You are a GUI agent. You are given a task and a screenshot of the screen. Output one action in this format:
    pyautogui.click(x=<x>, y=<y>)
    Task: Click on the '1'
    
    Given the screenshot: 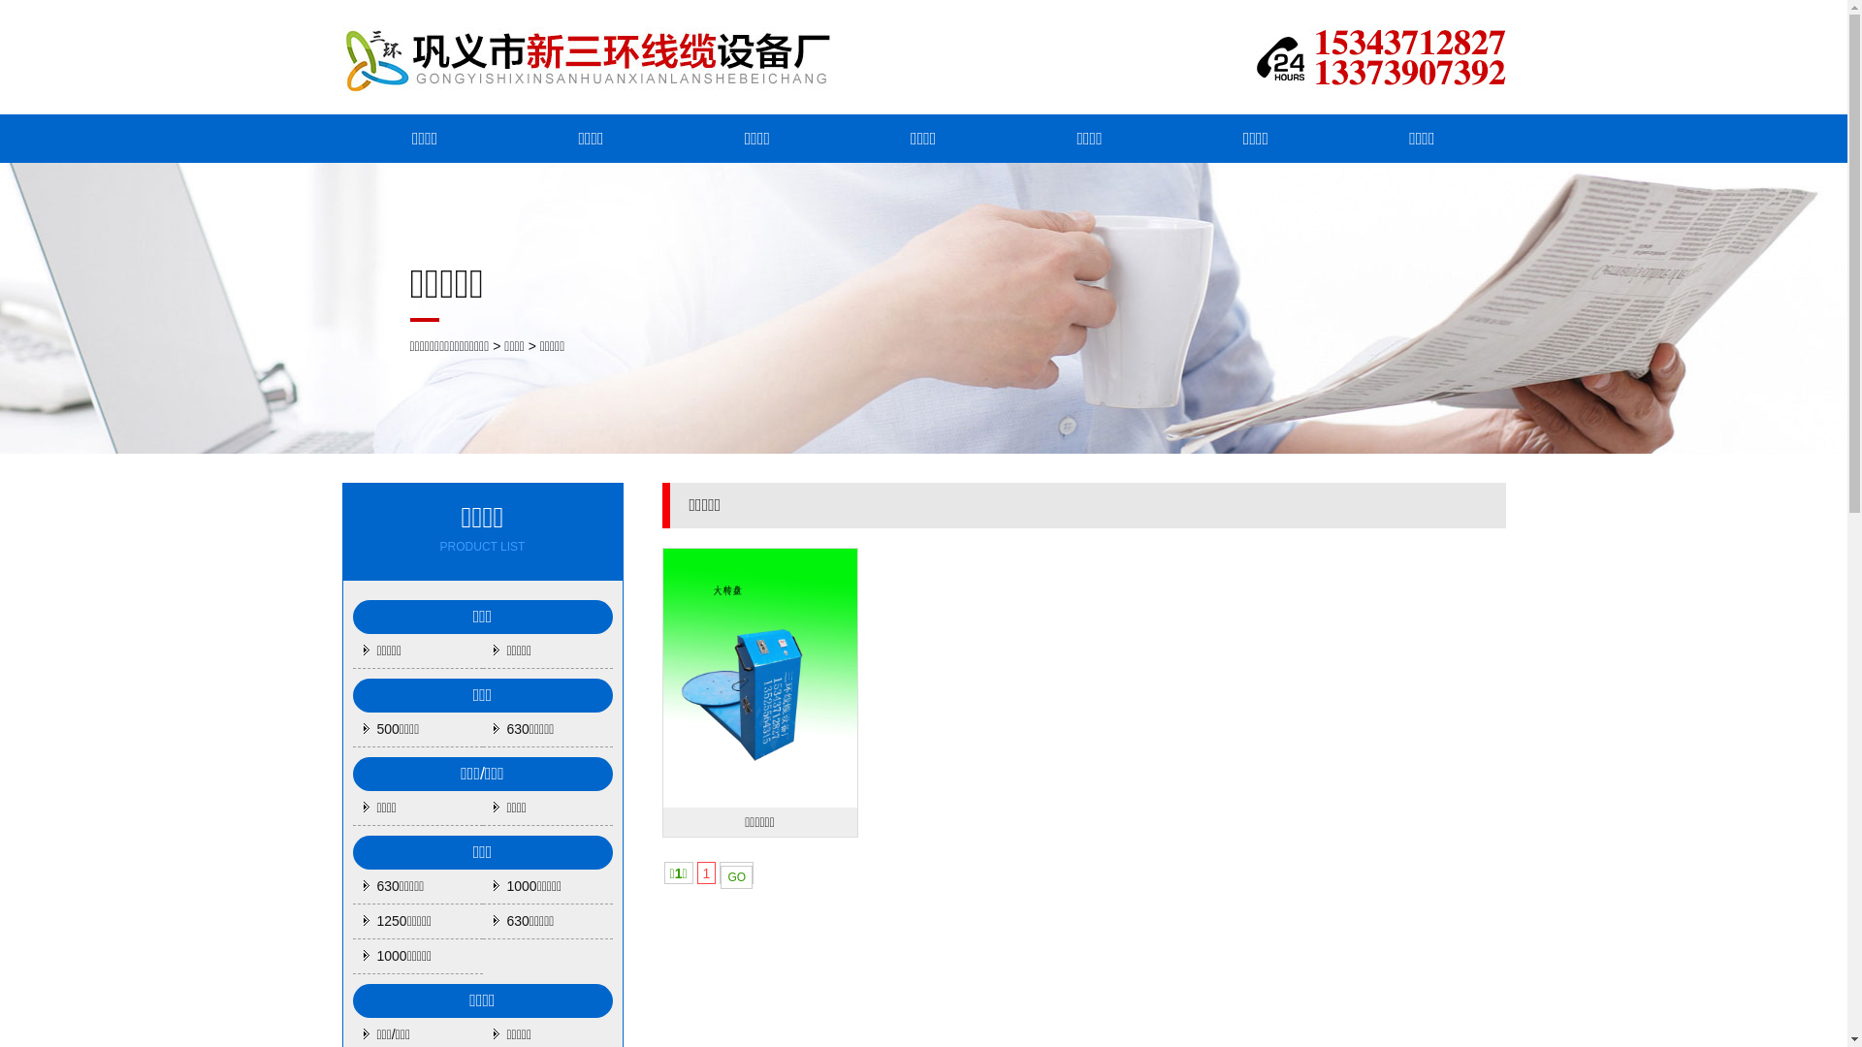 What is the action you would take?
    pyautogui.click(x=706, y=872)
    